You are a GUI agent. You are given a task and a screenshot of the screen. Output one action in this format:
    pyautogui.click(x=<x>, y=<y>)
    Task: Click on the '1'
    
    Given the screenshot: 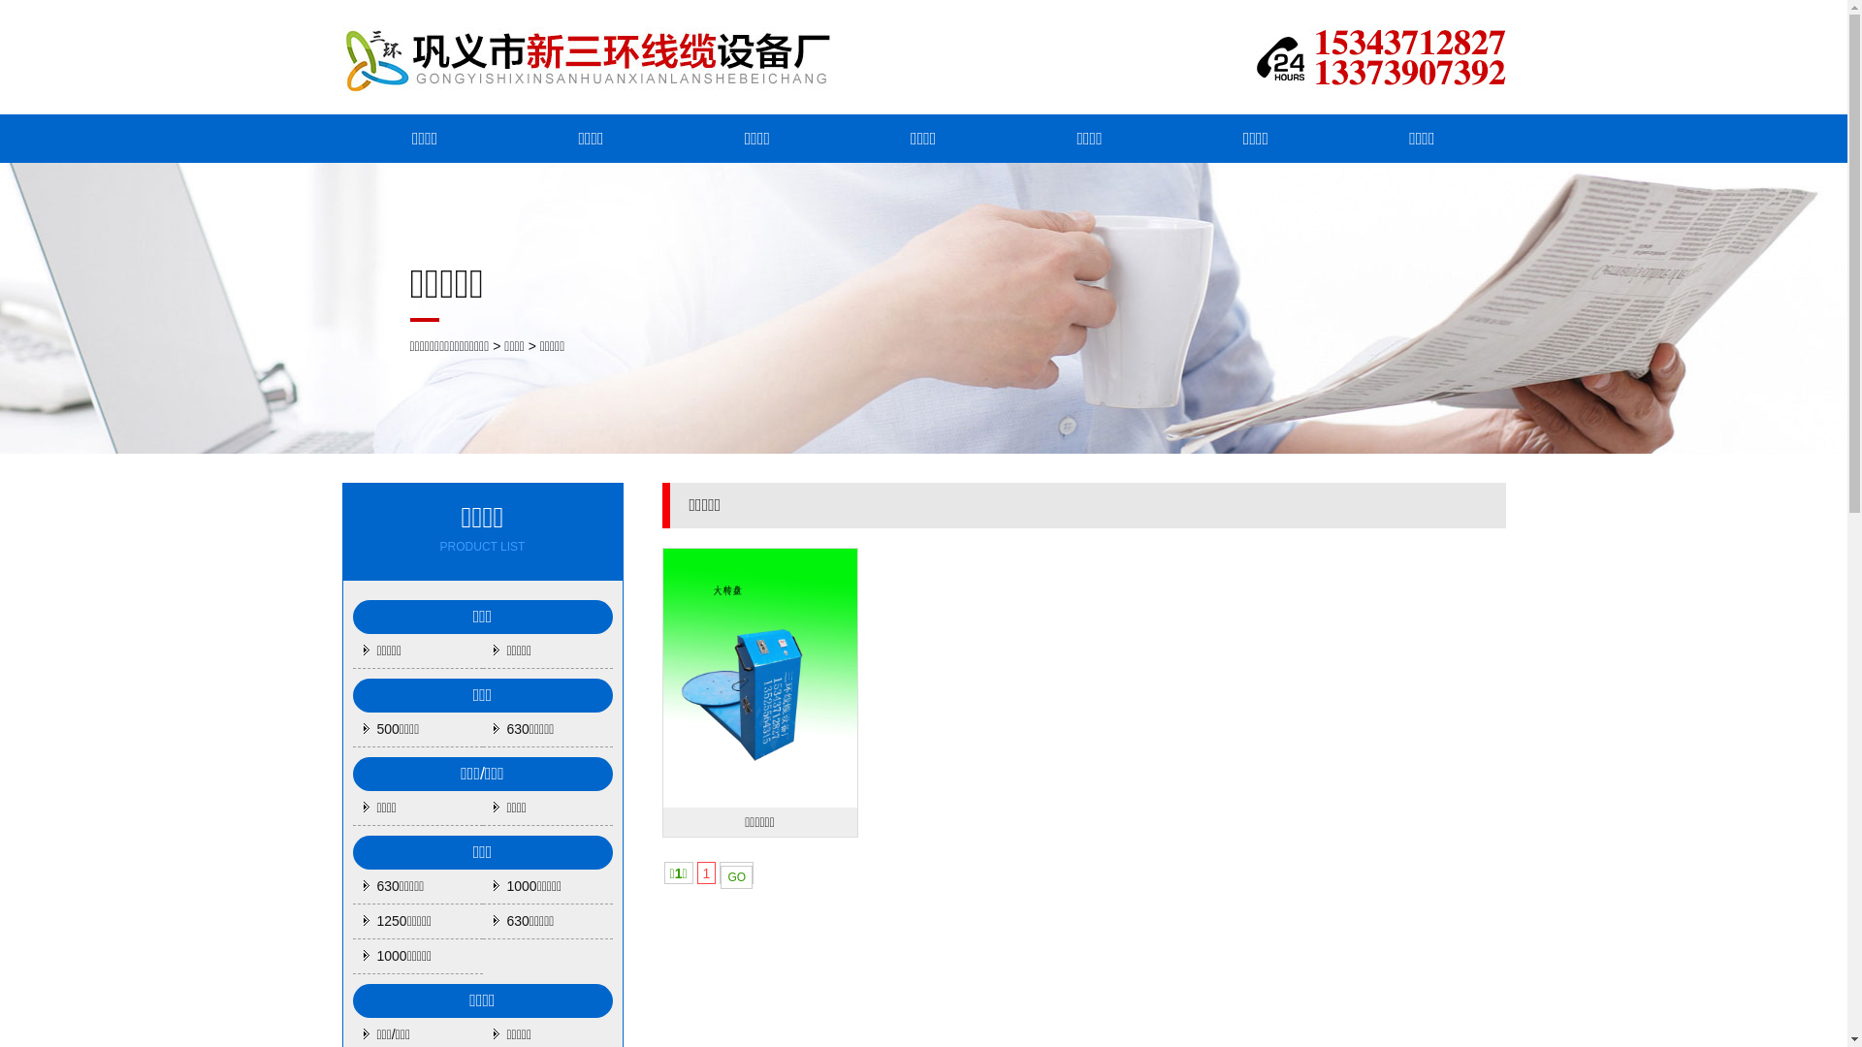 What is the action you would take?
    pyautogui.click(x=706, y=872)
    